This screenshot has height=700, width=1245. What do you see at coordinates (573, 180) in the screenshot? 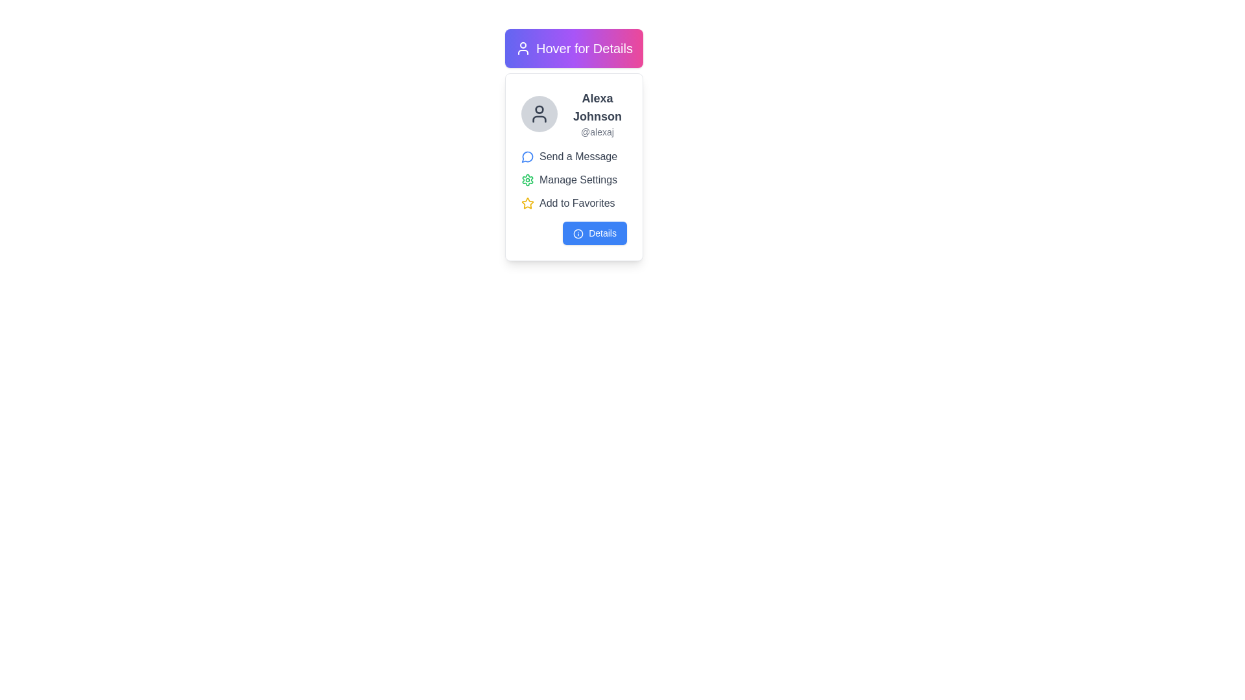
I see `the Action button located in the central section of the card interface, positioned beneath 'Send a Message' and above 'Add to Favorites', to initiate the settings management action` at bounding box center [573, 180].